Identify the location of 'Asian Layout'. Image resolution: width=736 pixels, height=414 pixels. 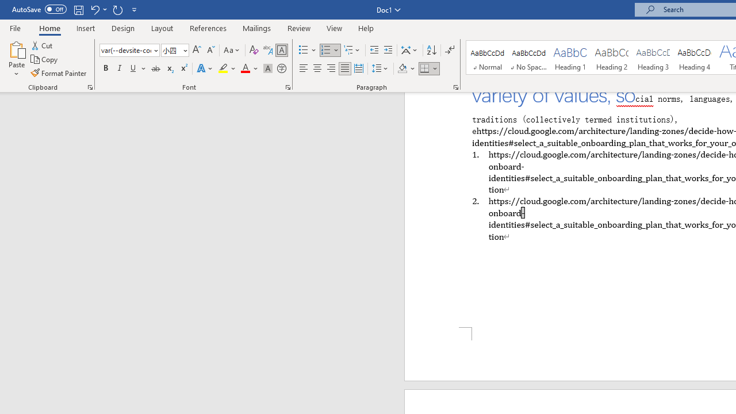
(409, 49).